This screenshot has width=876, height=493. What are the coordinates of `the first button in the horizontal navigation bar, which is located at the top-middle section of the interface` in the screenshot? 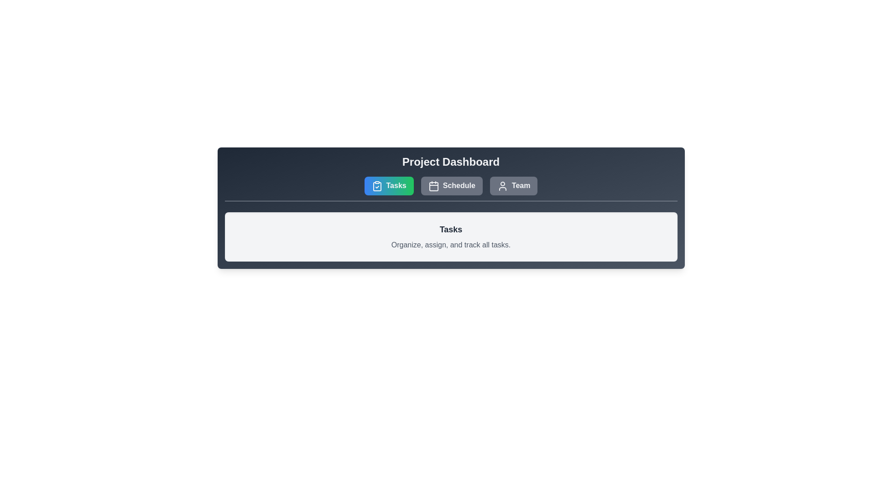 It's located at (389, 185).